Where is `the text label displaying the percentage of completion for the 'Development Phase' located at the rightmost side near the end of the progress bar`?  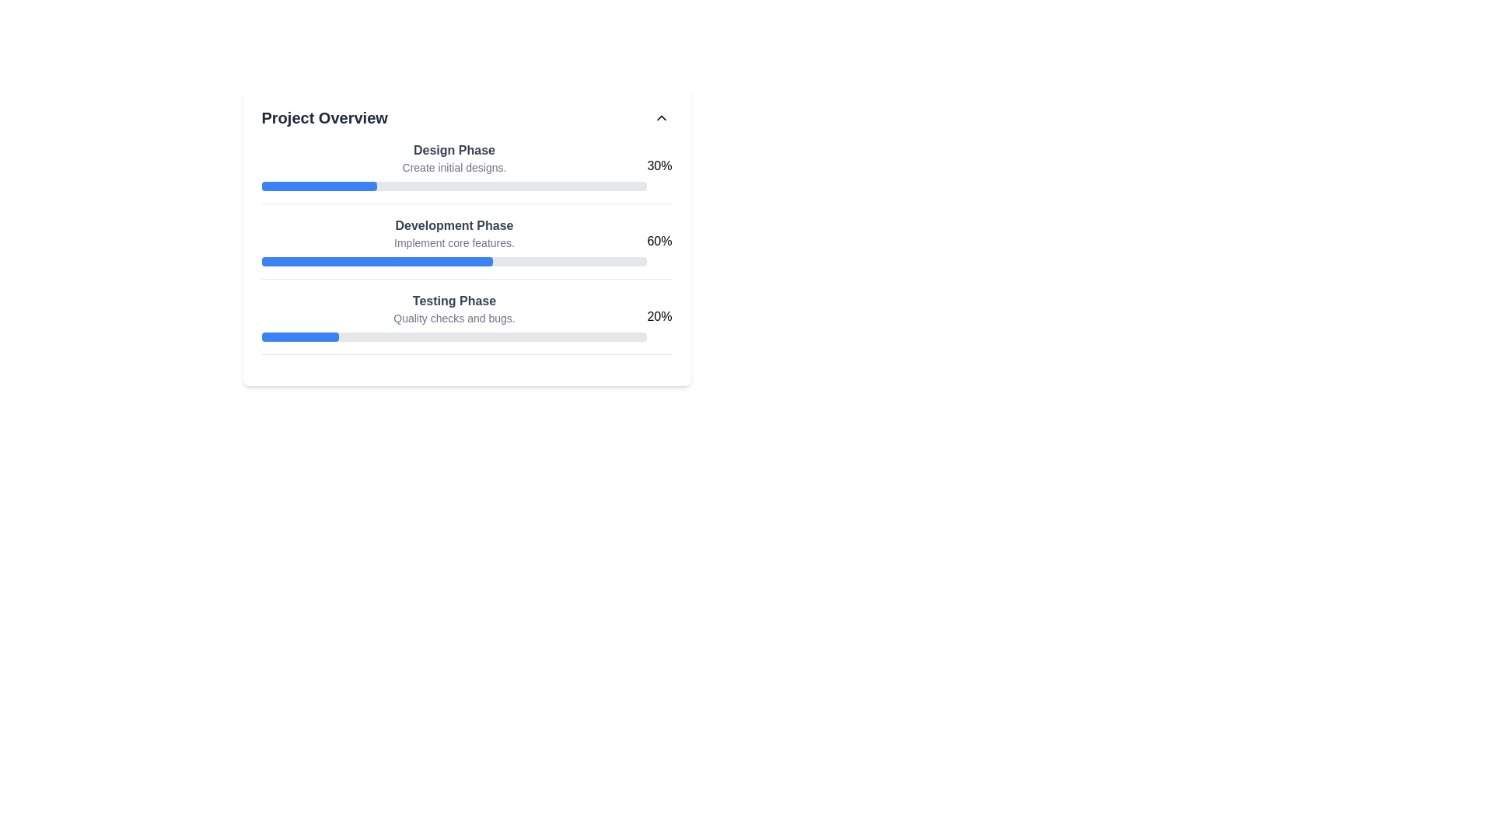
the text label displaying the percentage of completion for the 'Development Phase' located at the rightmost side near the end of the progress bar is located at coordinates (659, 241).